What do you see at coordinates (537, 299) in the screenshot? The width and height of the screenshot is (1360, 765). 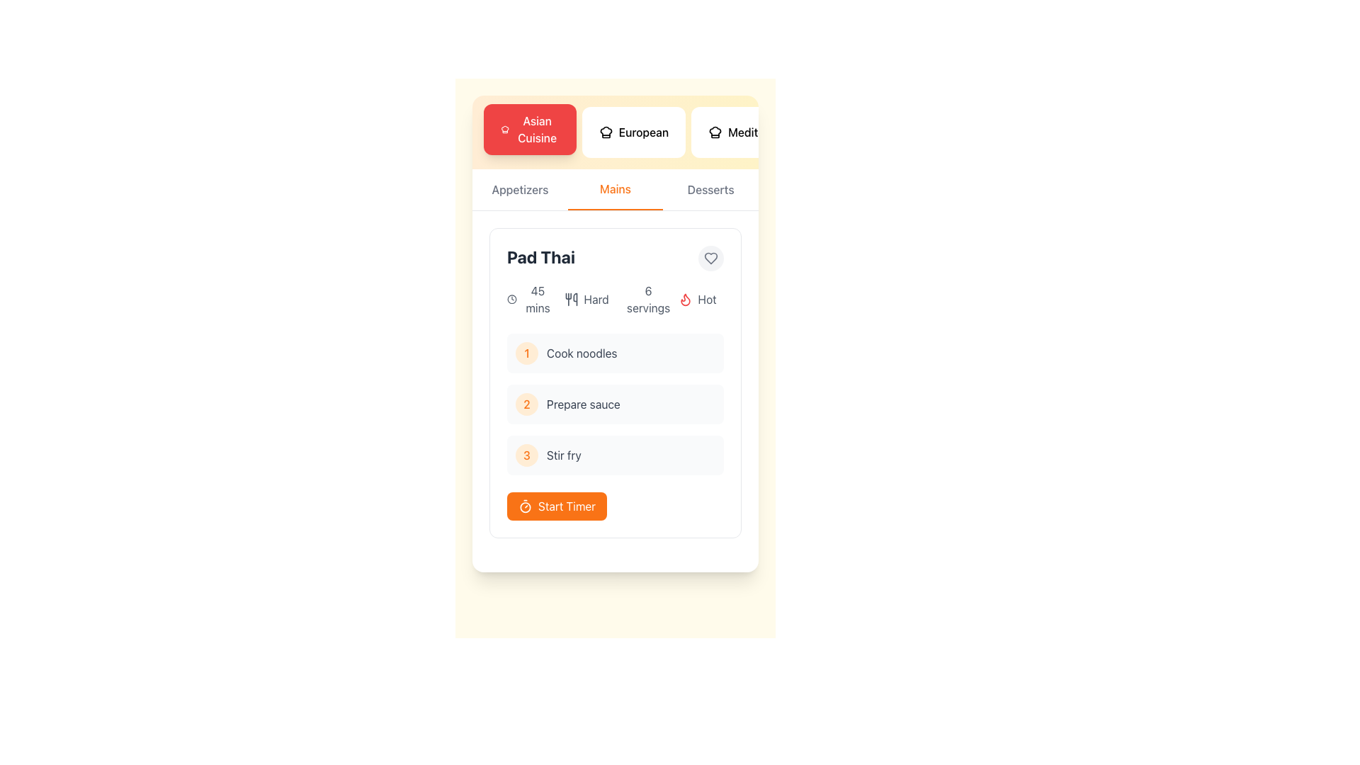 I see `displayed information from the text label showing '45 mins' located at the top-left section of the card, positioned to the right of a clock icon` at bounding box center [537, 299].